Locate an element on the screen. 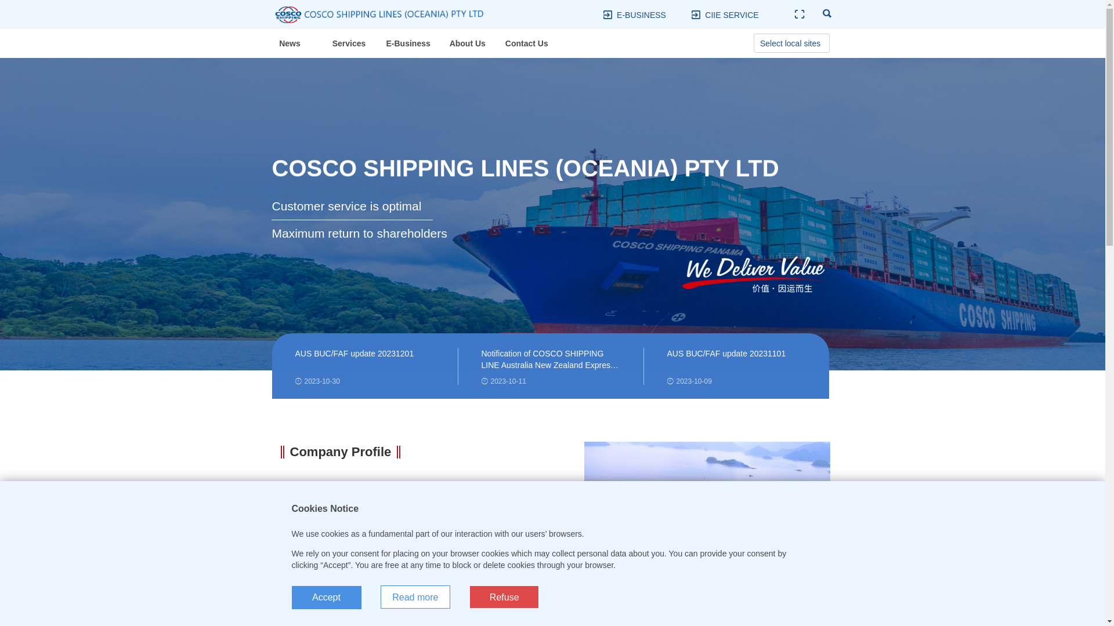 This screenshot has width=1114, height=626. 'CIIE SERVICE' is located at coordinates (731, 15).